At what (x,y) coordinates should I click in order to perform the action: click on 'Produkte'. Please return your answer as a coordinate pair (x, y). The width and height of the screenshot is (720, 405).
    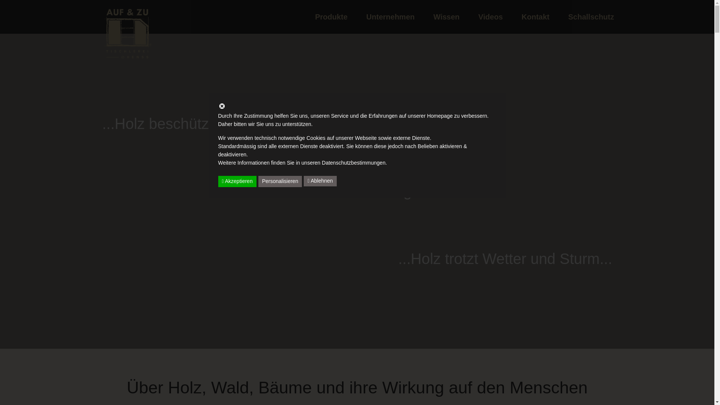
    Looking at the image, I should click on (331, 17).